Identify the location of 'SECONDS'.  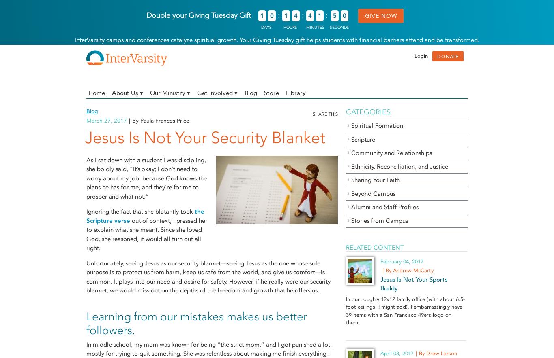
(329, 27).